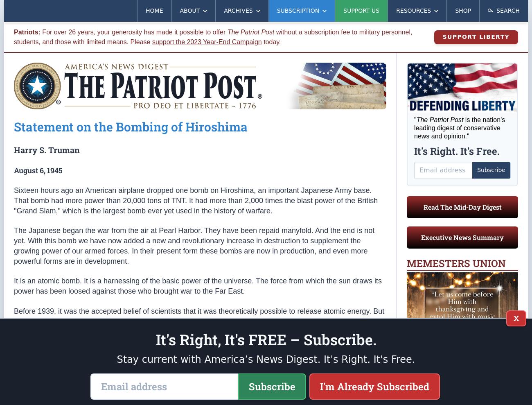  I want to click on 'support the 2023 Year-End Campaign', so click(207, 42).